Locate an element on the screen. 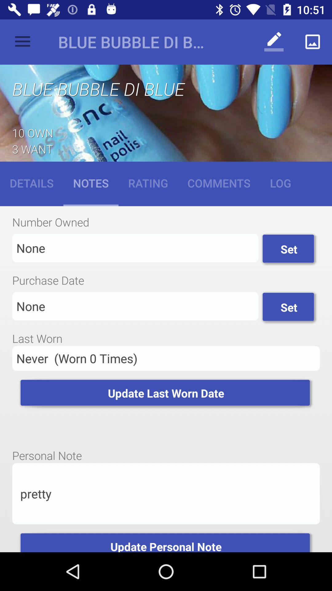 This screenshot has width=332, height=591. the item to the left of blue bubble di item is located at coordinates (22, 42).